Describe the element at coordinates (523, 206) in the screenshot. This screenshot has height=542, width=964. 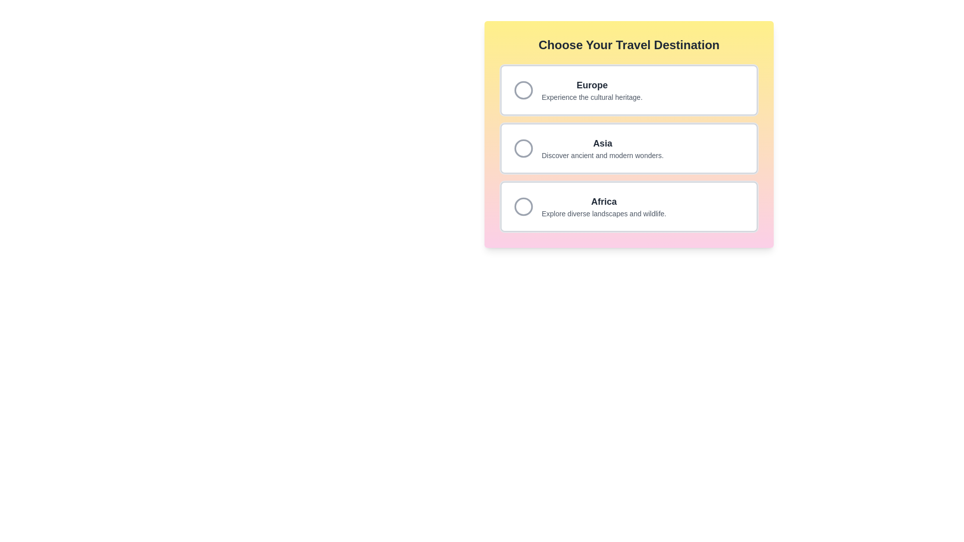
I see `the radio button for the 'Africa' travel choice` at that location.